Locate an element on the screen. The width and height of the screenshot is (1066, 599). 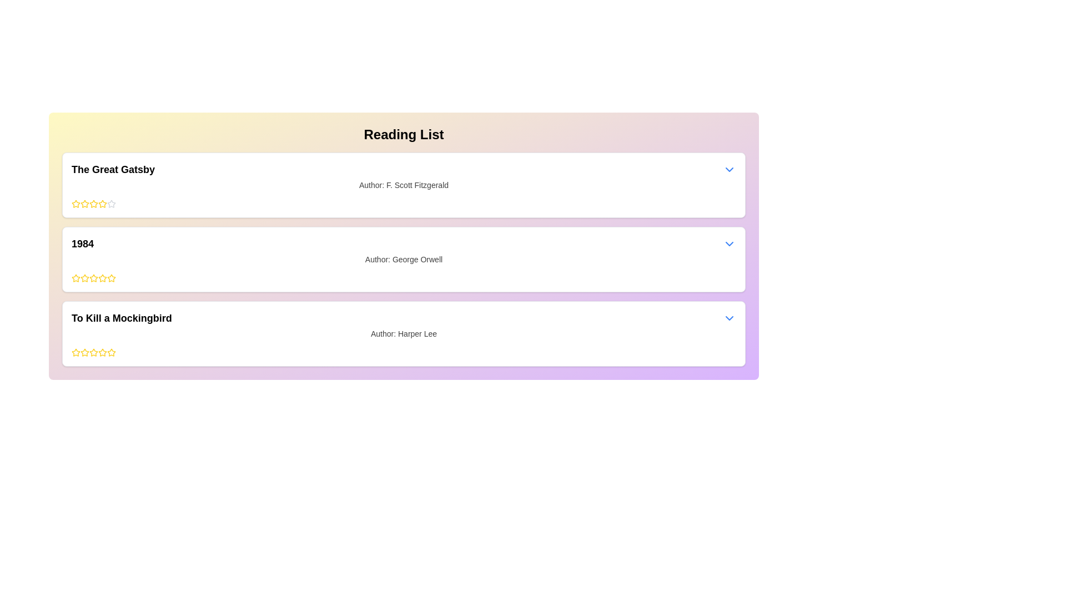
the dropdown toggle button located to the far right of the section for the book titled 'To Kill a Mockingbird' is located at coordinates (730, 318).